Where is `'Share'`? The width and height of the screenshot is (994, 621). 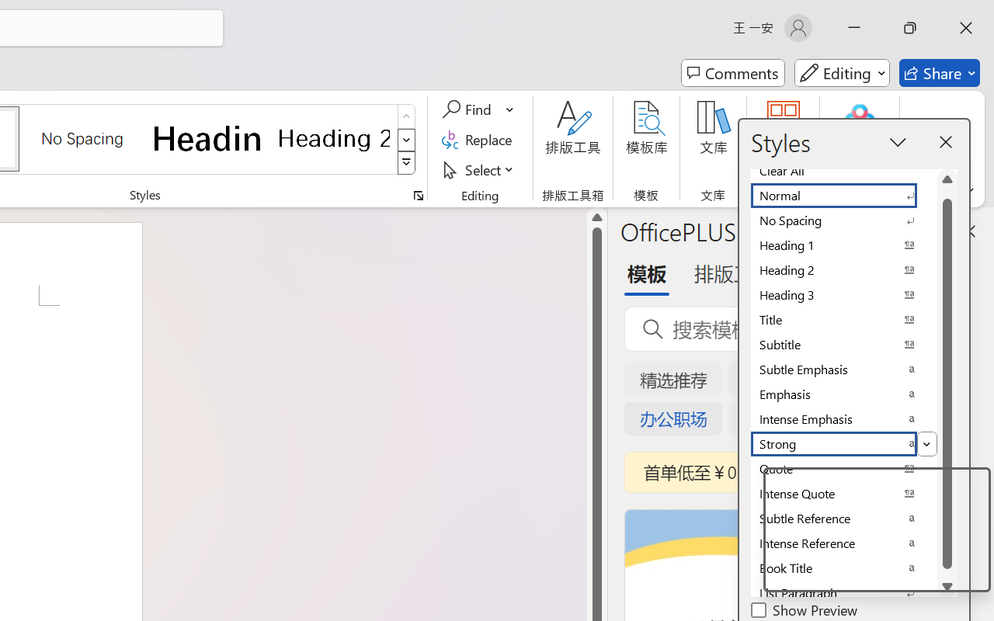
'Share' is located at coordinates (939, 73).